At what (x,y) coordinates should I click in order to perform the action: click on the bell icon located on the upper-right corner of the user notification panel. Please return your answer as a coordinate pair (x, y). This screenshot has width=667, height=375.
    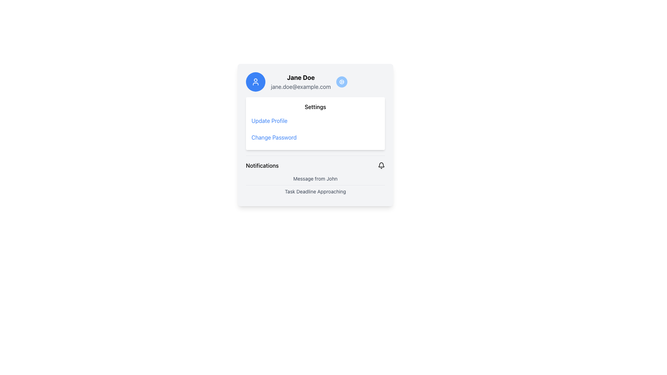
    Looking at the image, I should click on (381, 166).